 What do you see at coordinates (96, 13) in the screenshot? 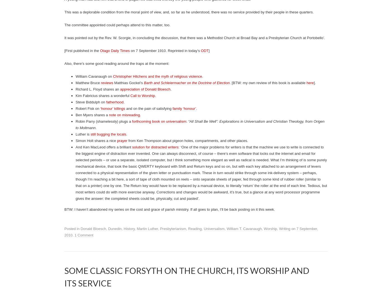
I see `'when mourners sing with joy'` at bounding box center [96, 13].